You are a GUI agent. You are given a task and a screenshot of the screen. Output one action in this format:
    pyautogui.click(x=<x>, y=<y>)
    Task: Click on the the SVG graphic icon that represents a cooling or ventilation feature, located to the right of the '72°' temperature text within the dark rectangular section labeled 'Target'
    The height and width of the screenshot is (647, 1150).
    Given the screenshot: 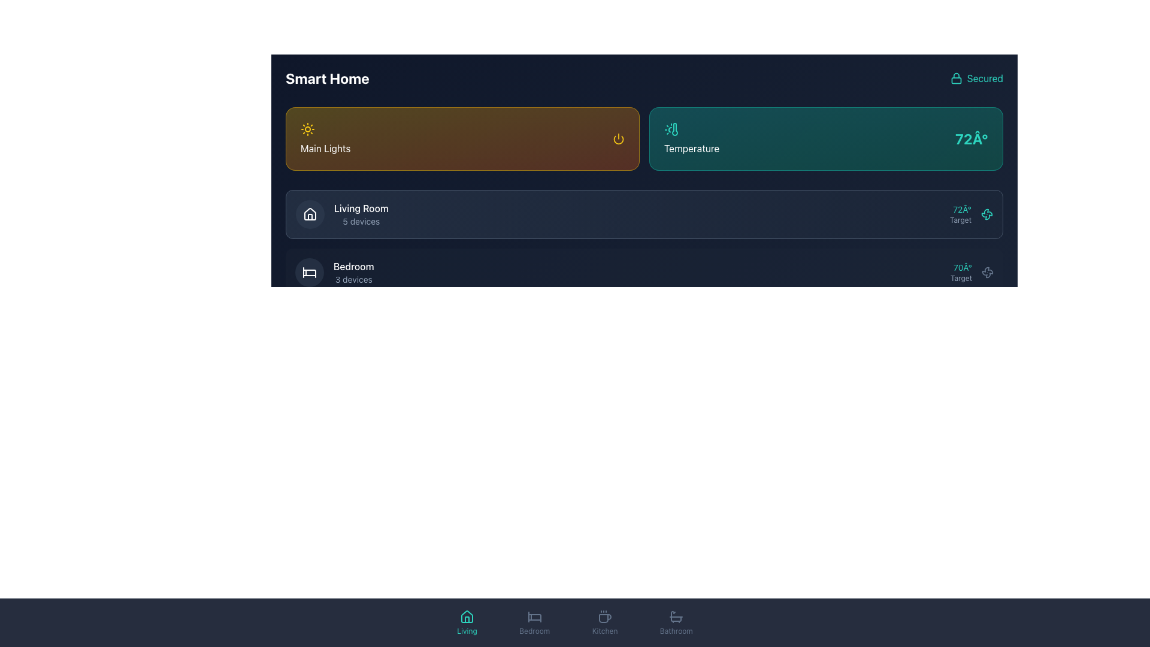 What is the action you would take?
    pyautogui.click(x=986, y=214)
    